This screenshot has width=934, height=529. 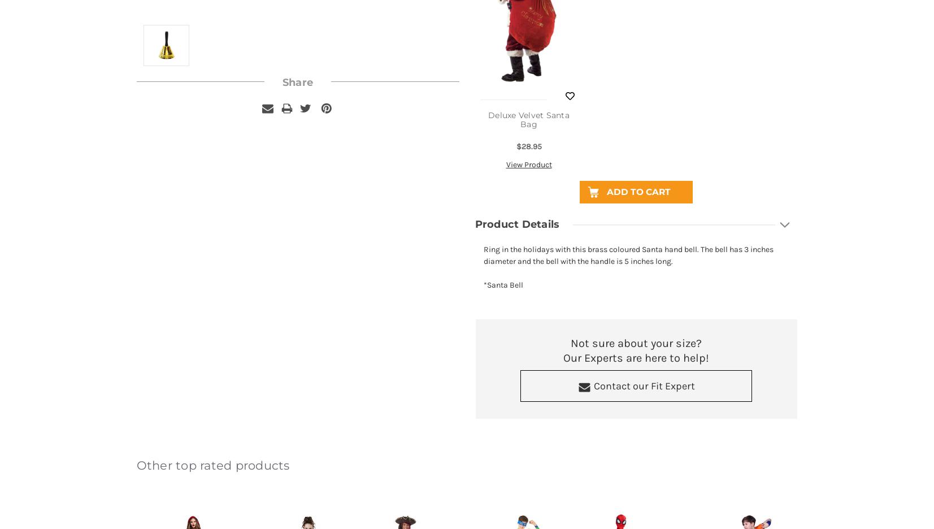 What do you see at coordinates (528, 164) in the screenshot?
I see `'View Product'` at bounding box center [528, 164].